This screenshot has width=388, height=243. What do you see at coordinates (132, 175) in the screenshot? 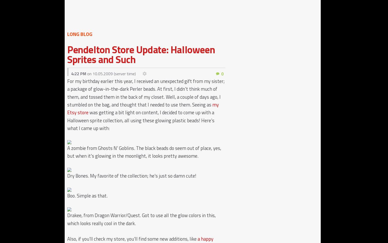
I see `'Dry Bones. My favorite of the collection; he's just so damn cute!'` at bounding box center [132, 175].